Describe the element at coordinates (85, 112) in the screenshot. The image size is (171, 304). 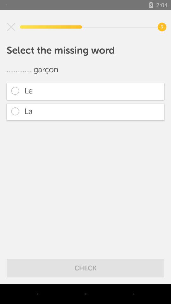
I see `la icon` at that location.